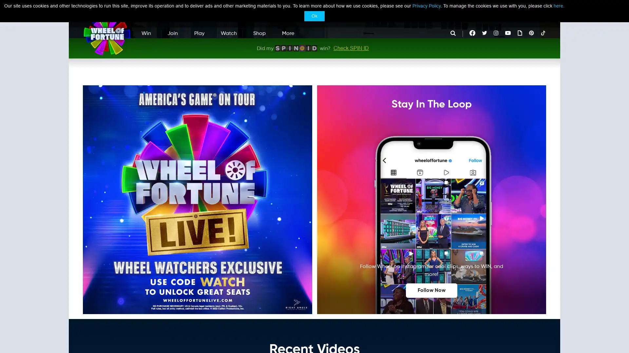 The image size is (629, 353). I want to click on Ok, so click(314, 16).